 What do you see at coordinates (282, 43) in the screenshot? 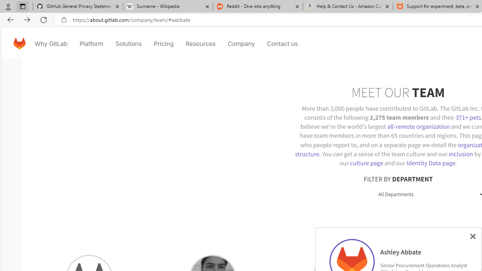
I see `'Contact us'` at bounding box center [282, 43].